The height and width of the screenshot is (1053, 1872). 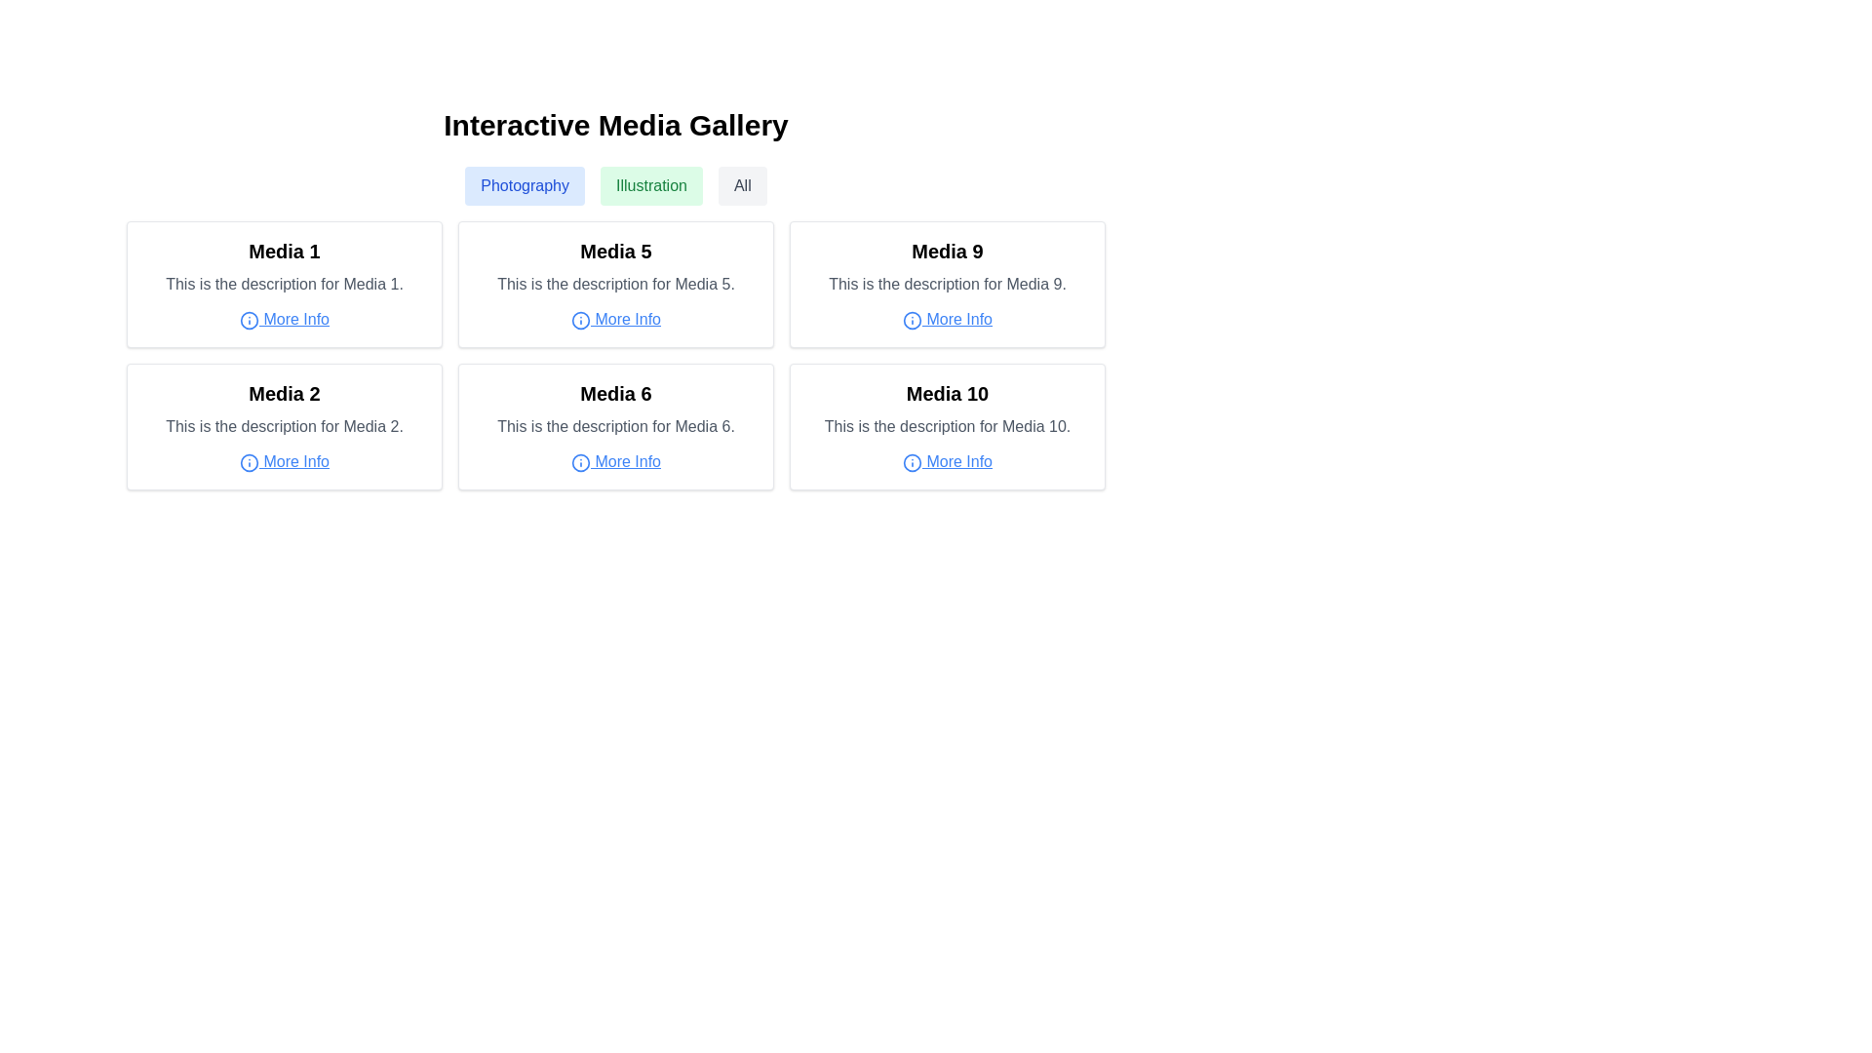 What do you see at coordinates (947, 318) in the screenshot?
I see `the 'More Info' hyperlink styled text with an associated icon located in the third column of the first row of the media grid layout` at bounding box center [947, 318].